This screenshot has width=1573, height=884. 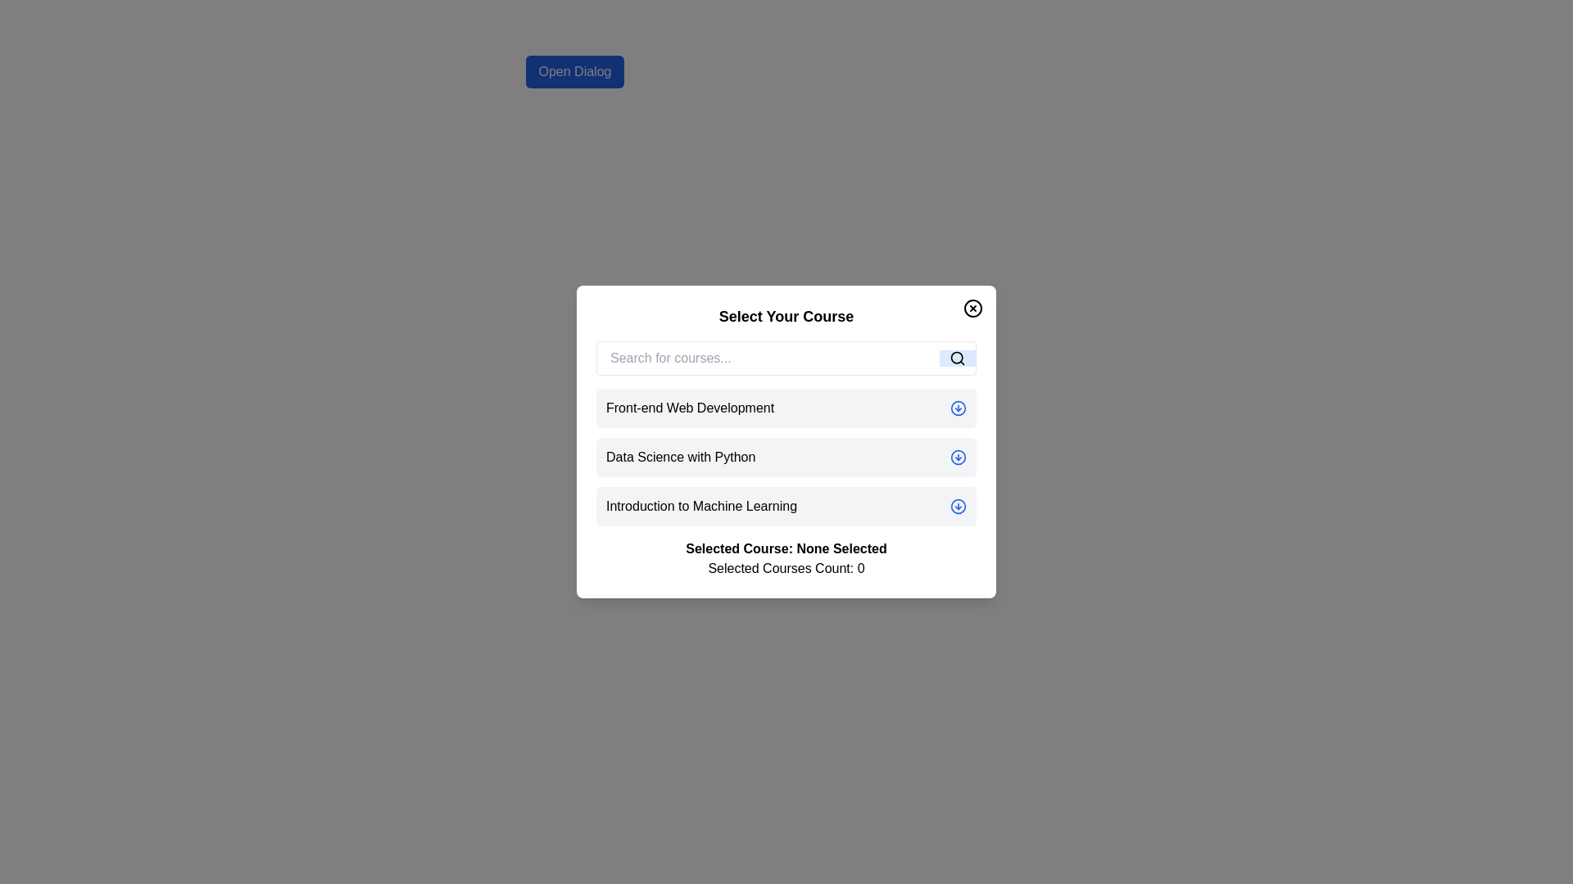 What do you see at coordinates (959, 458) in the screenshot?
I see `the decorative circle element within the downward arrow icon related to the 'Data Science with Python' course option in a modal dialog` at bounding box center [959, 458].